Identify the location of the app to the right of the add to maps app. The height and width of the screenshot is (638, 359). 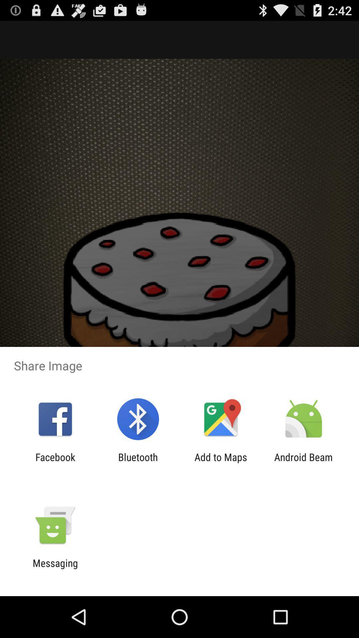
(303, 463).